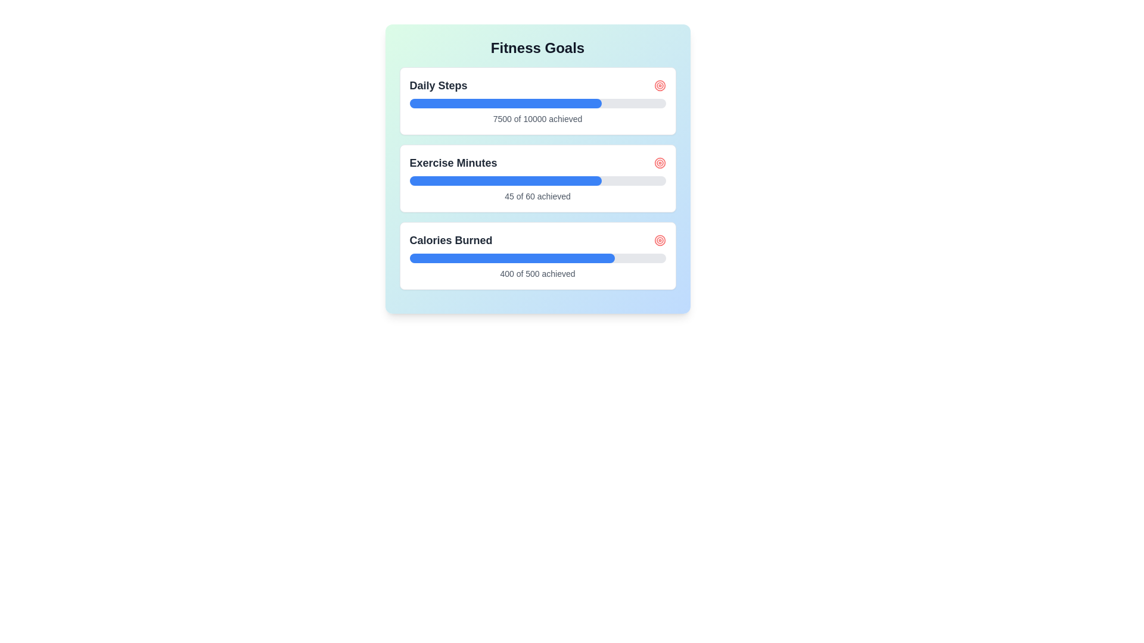 The width and height of the screenshot is (1144, 643). What do you see at coordinates (537, 241) in the screenshot?
I see `the label with icon that provides a title and visual cue for the progress section, located at the top of a white card above a blue progress bar` at bounding box center [537, 241].